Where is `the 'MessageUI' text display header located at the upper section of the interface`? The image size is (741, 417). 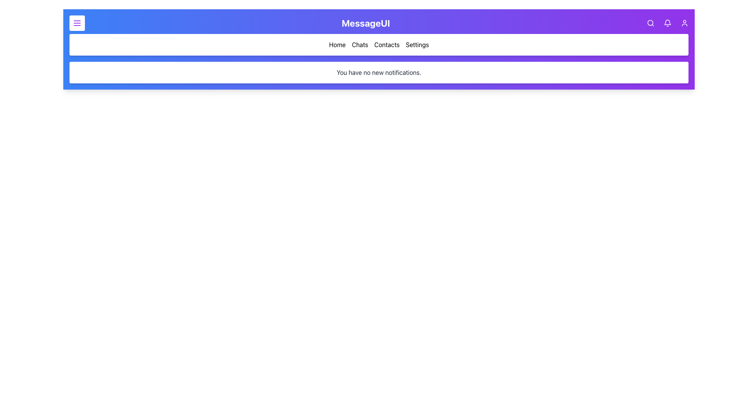 the 'MessageUI' text display header located at the upper section of the interface is located at coordinates (379, 23).